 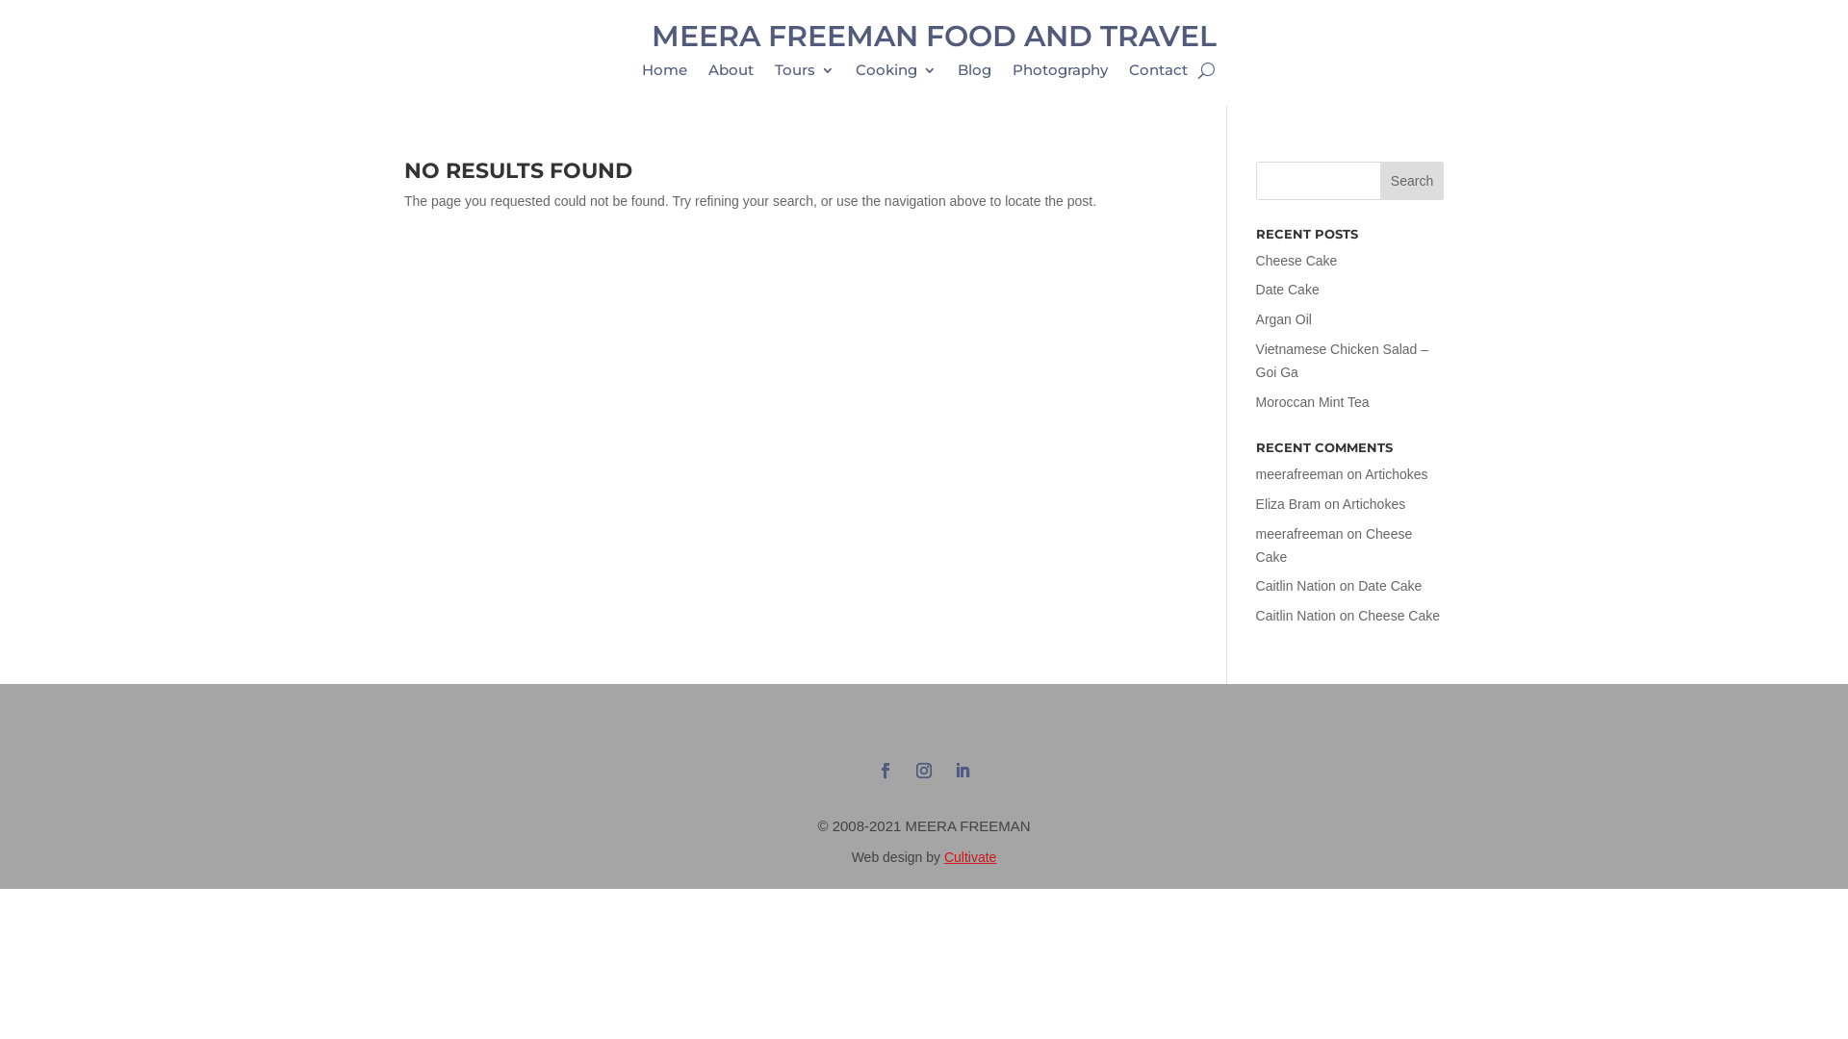 I want to click on 'Home', so click(x=664, y=73).